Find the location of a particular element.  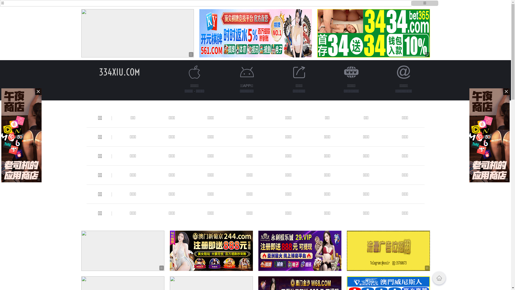

'334XIU.COM' is located at coordinates (119, 72).